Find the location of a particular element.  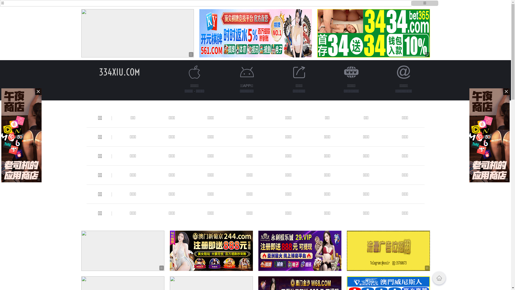

'334XIU.COM' is located at coordinates (119, 72).